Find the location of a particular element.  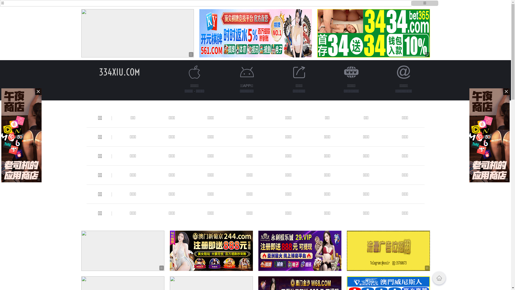

'334XIU.COM' is located at coordinates (119, 72).